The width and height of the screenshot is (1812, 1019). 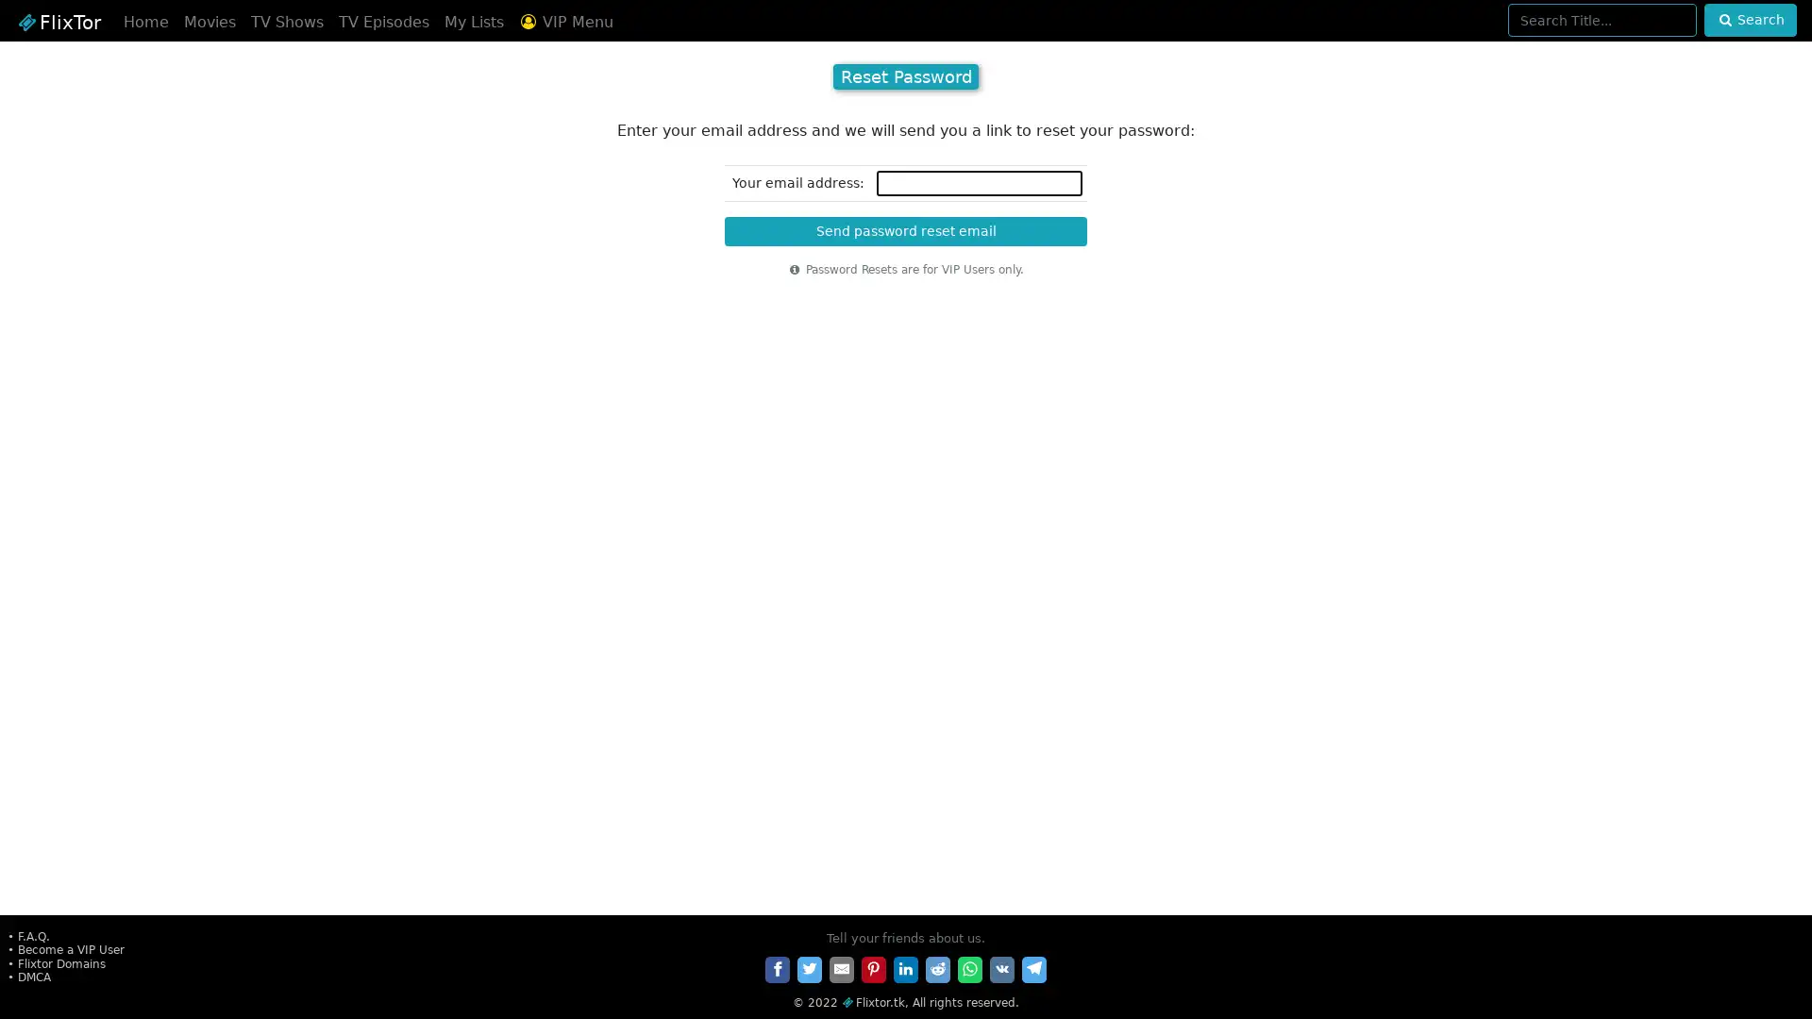 I want to click on VIP Menu, so click(x=564, y=22).